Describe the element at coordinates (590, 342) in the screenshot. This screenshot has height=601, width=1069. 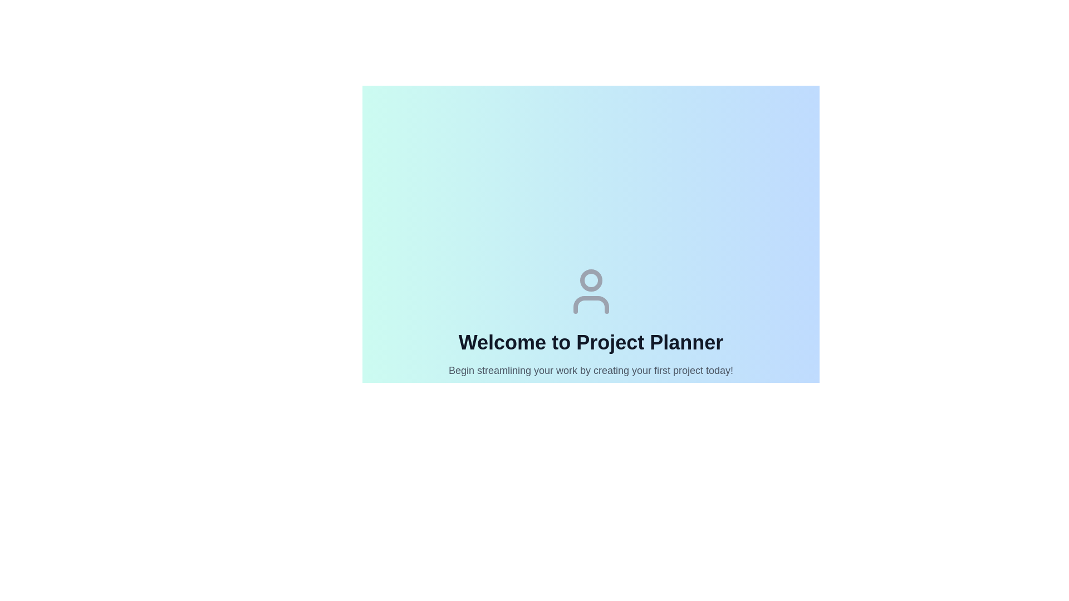
I see `the bold, large-sized text reading 'Welcome to Project Planner', which is centrally positioned below a user icon and above another text component` at that location.